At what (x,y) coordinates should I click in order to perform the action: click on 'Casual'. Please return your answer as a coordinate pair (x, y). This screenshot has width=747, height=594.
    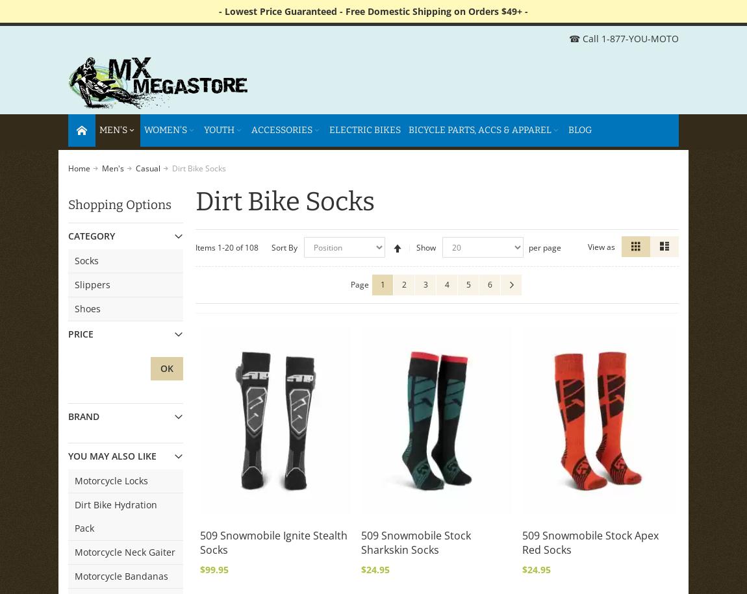
    Looking at the image, I should click on (147, 167).